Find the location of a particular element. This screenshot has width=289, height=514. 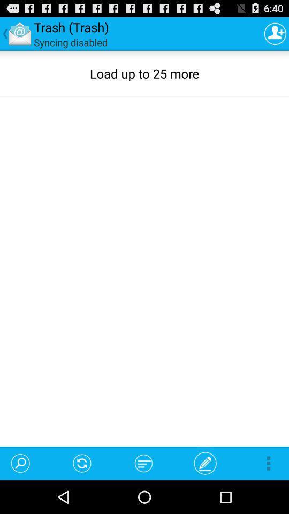

a group is located at coordinates (275, 33).